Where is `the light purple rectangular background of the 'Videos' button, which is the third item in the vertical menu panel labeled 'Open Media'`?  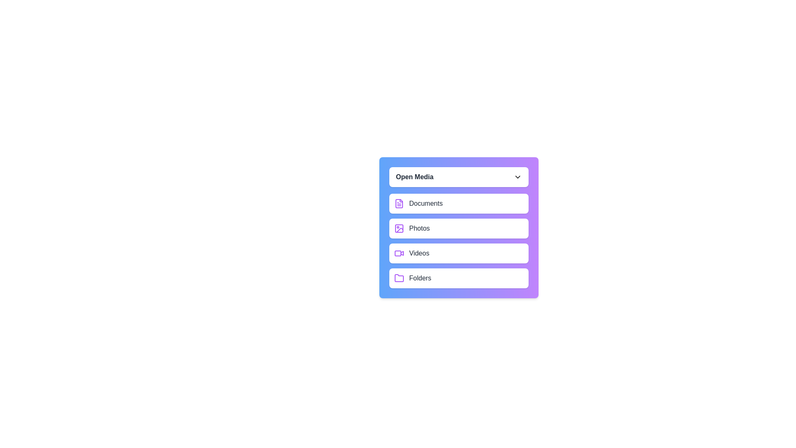
the light purple rectangular background of the 'Videos' button, which is the third item in the vertical menu panel labeled 'Open Media' is located at coordinates (398, 253).